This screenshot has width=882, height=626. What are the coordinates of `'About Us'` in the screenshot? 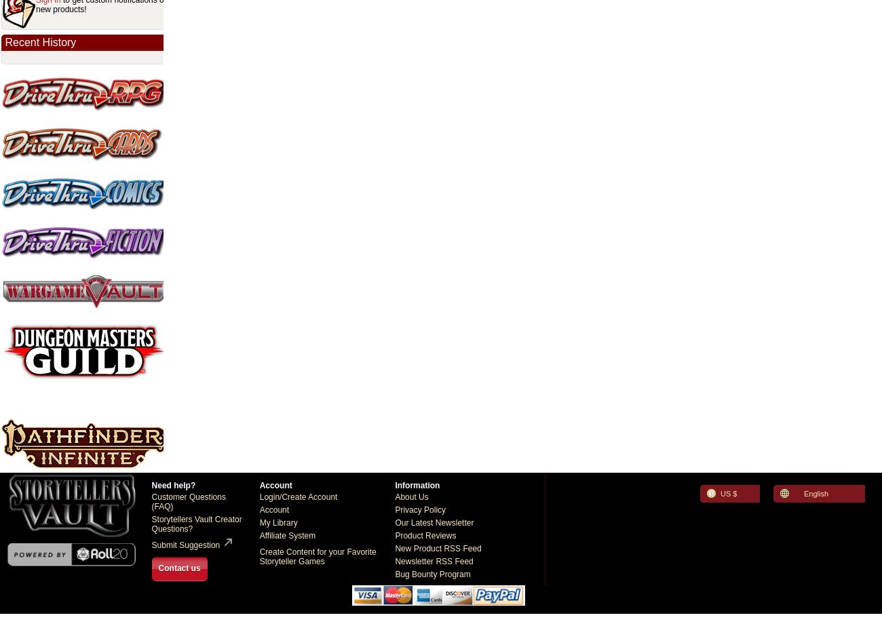 It's located at (411, 496).